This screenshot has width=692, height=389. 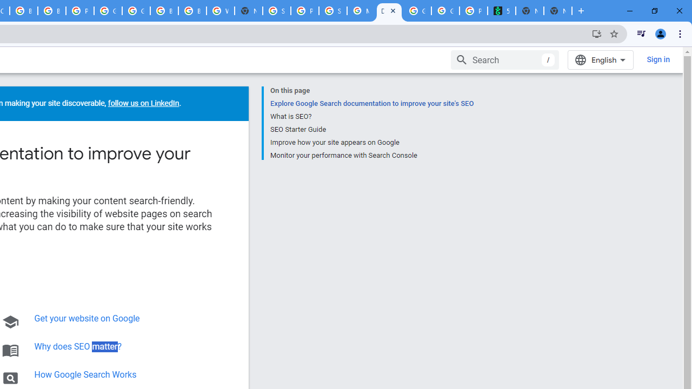 What do you see at coordinates (371, 154) in the screenshot?
I see `'Monitor your performance with Search Console'` at bounding box center [371, 154].